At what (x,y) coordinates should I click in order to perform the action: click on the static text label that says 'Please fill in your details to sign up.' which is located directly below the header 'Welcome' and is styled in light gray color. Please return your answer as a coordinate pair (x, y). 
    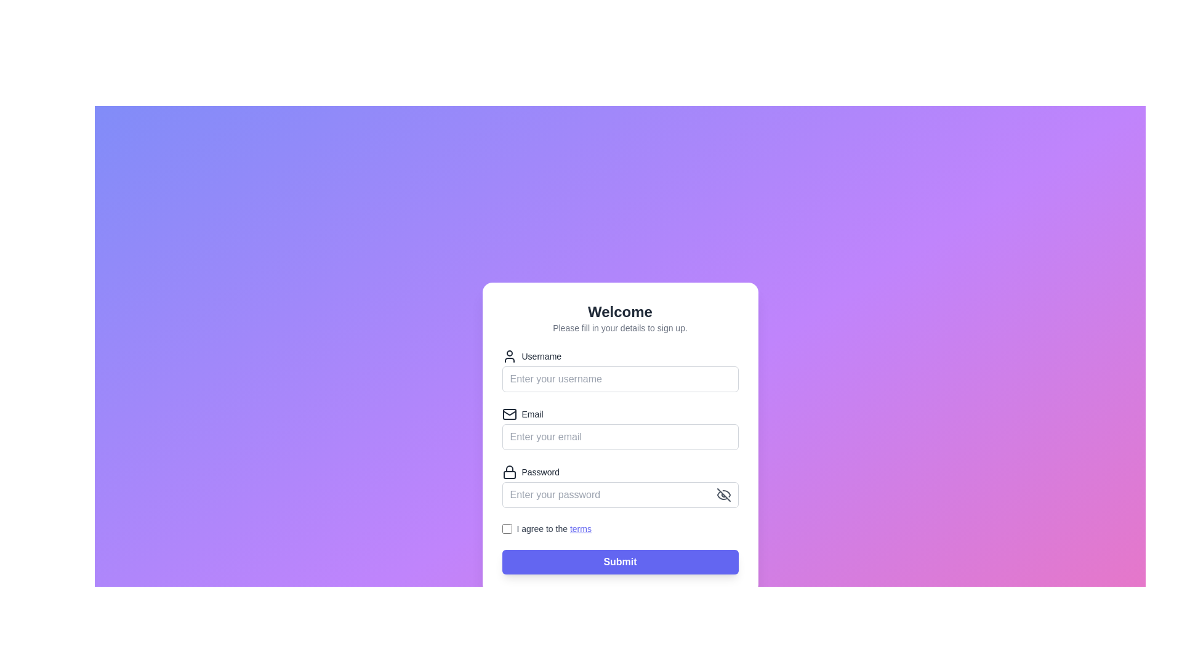
    Looking at the image, I should click on (620, 327).